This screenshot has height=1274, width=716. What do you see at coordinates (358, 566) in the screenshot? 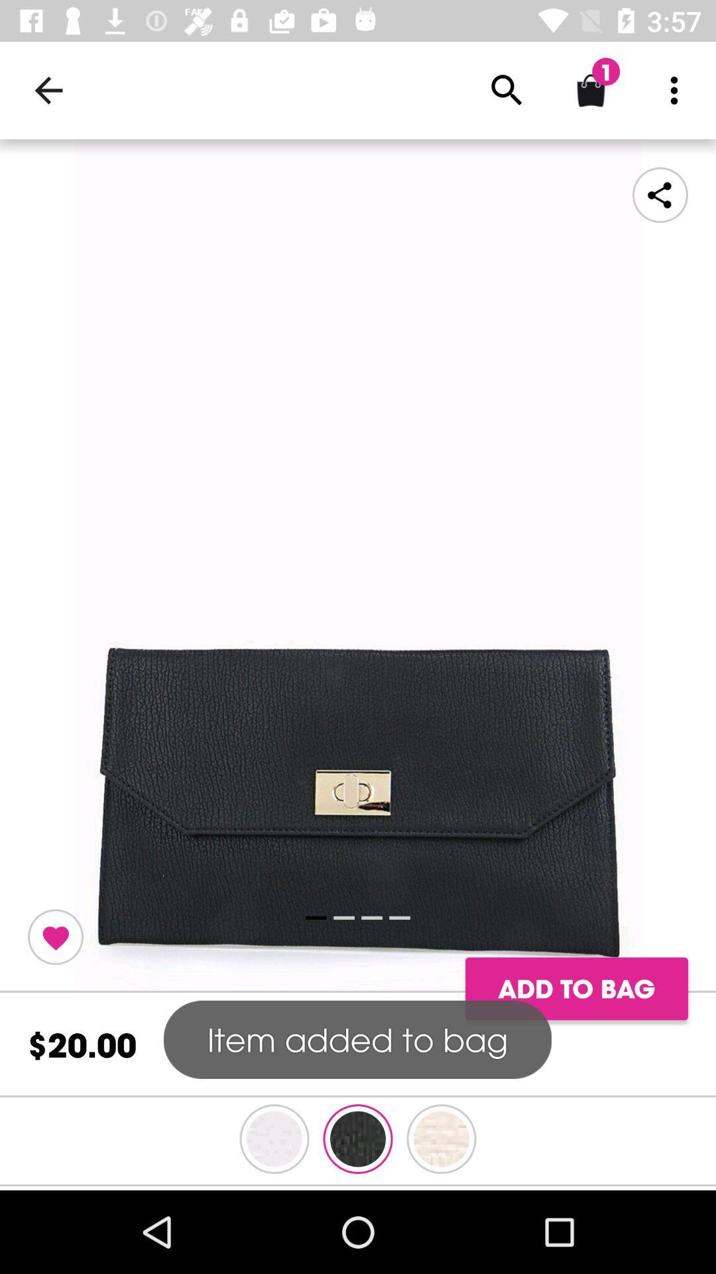
I see `image` at bounding box center [358, 566].